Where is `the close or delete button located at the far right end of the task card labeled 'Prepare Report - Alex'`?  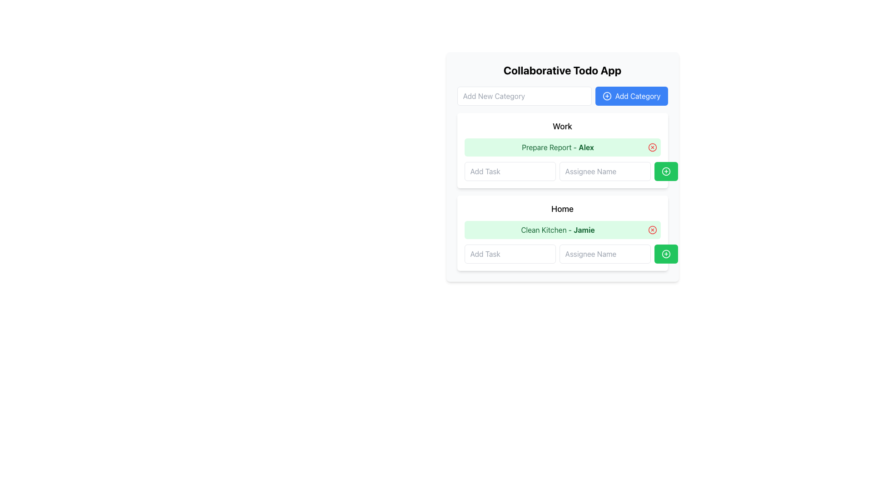
the close or delete button located at the far right end of the task card labeled 'Prepare Report - Alex' is located at coordinates (652, 147).